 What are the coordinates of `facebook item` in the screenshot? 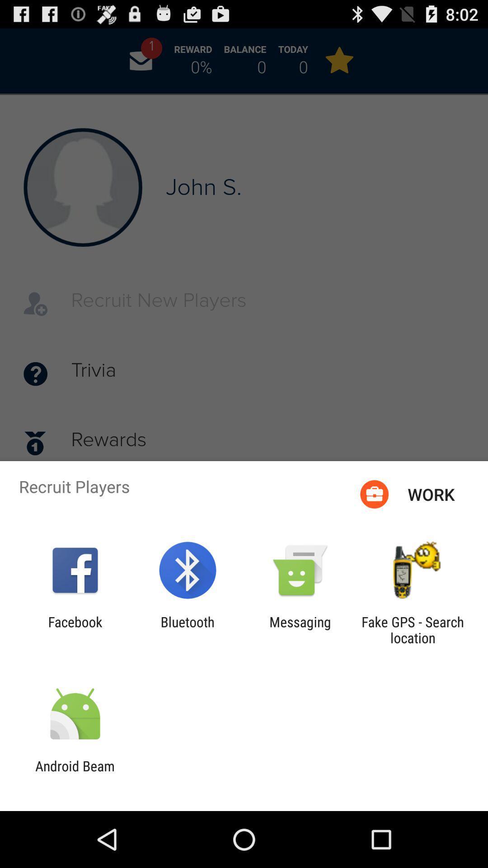 It's located at (75, 629).